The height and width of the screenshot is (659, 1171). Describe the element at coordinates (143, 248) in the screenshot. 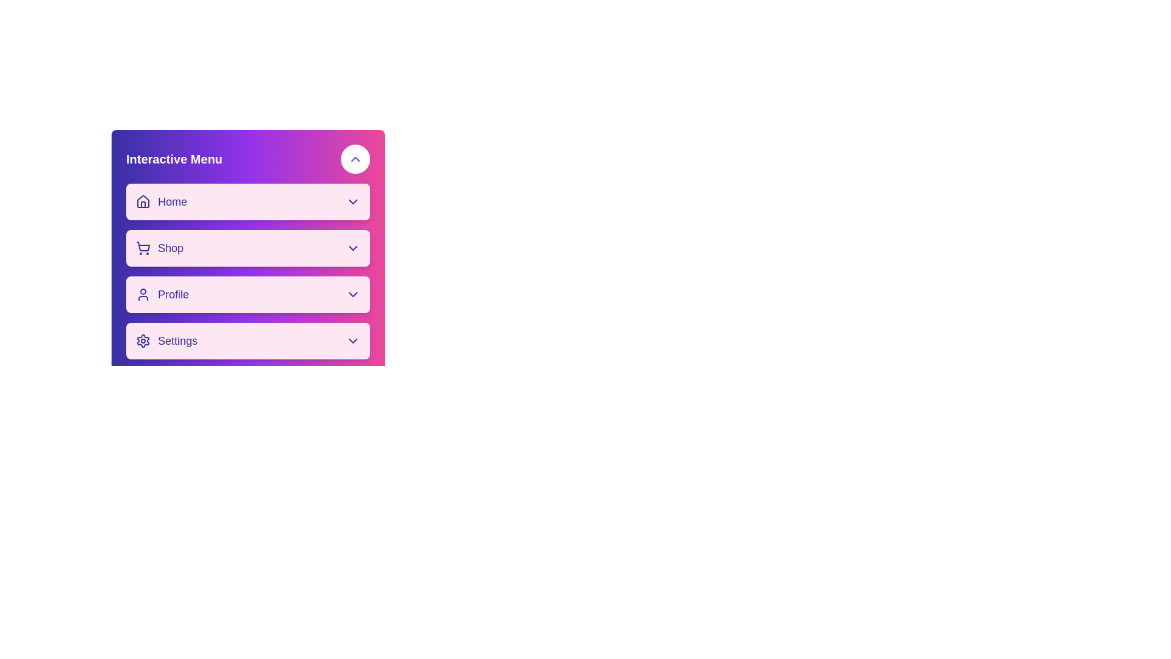

I see `the shopping cart icon located to the left of the 'Shop' label in the menu` at that location.